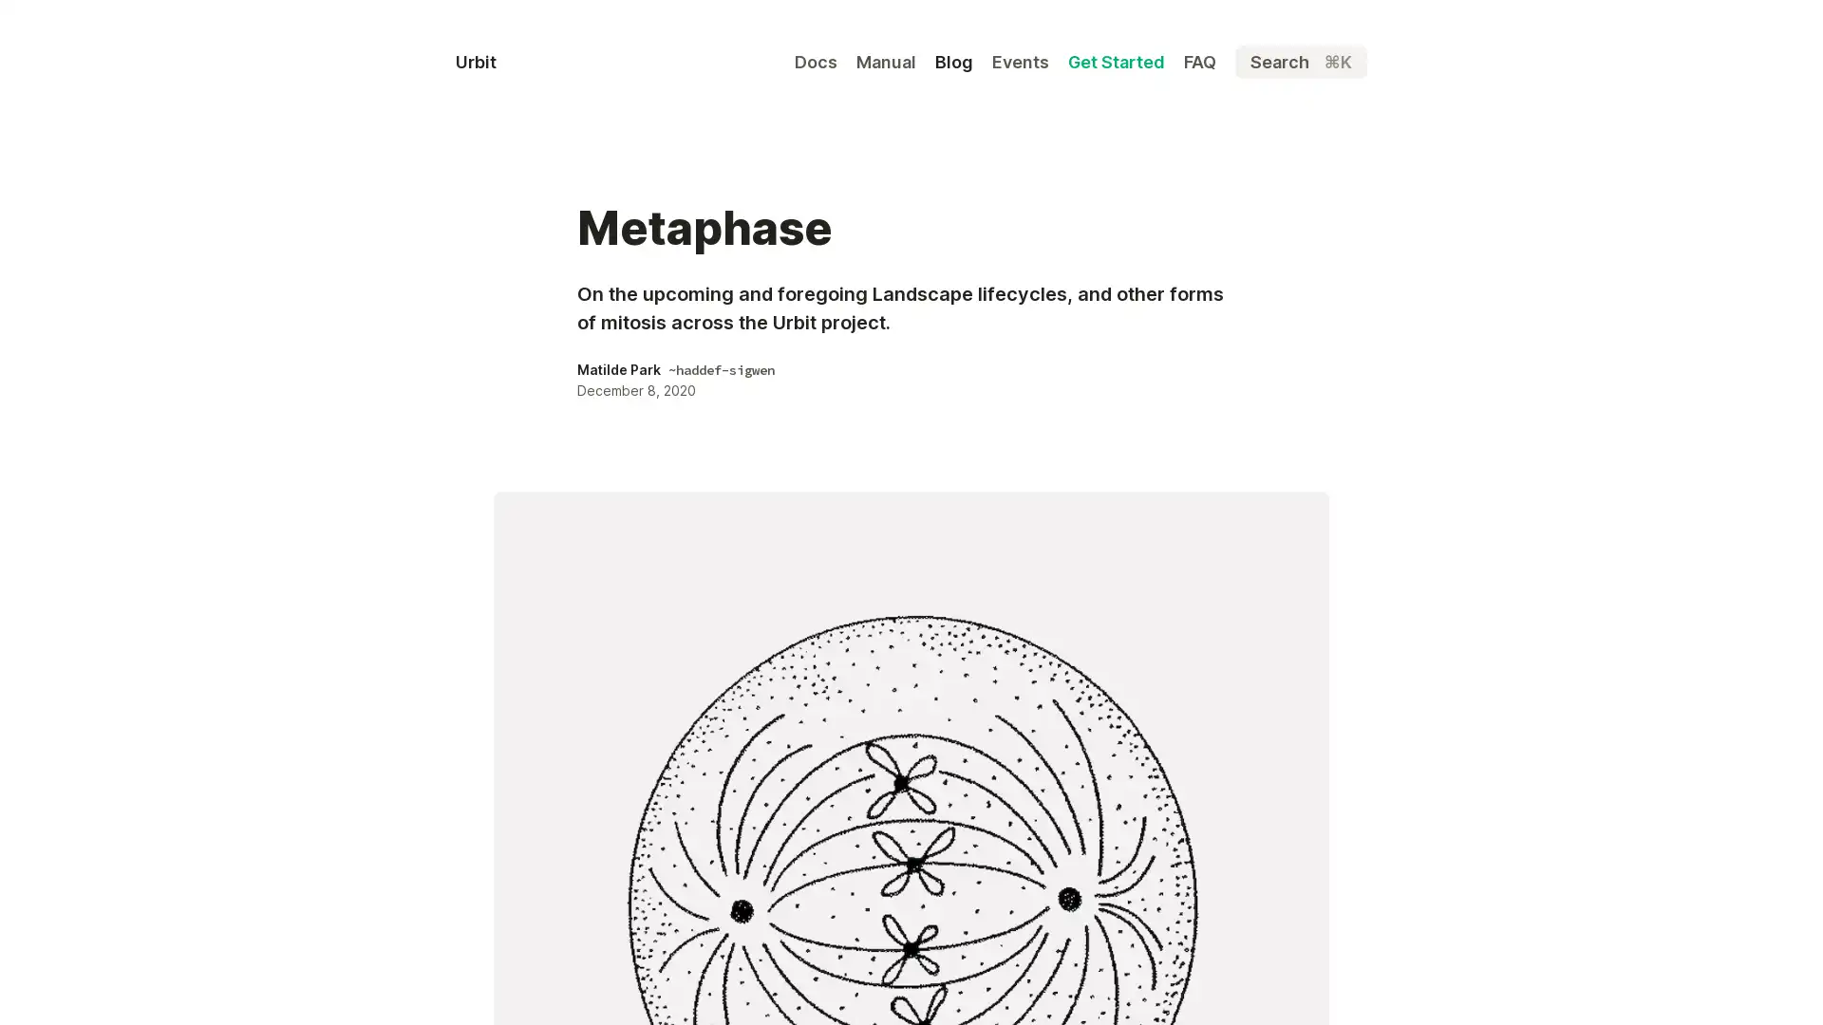 The height and width of the screenshot is (1025, 1823). What do you see at coordinates (1300, 61) in the screenshot?
I see `Search K` at bounding box center [1300, 61].